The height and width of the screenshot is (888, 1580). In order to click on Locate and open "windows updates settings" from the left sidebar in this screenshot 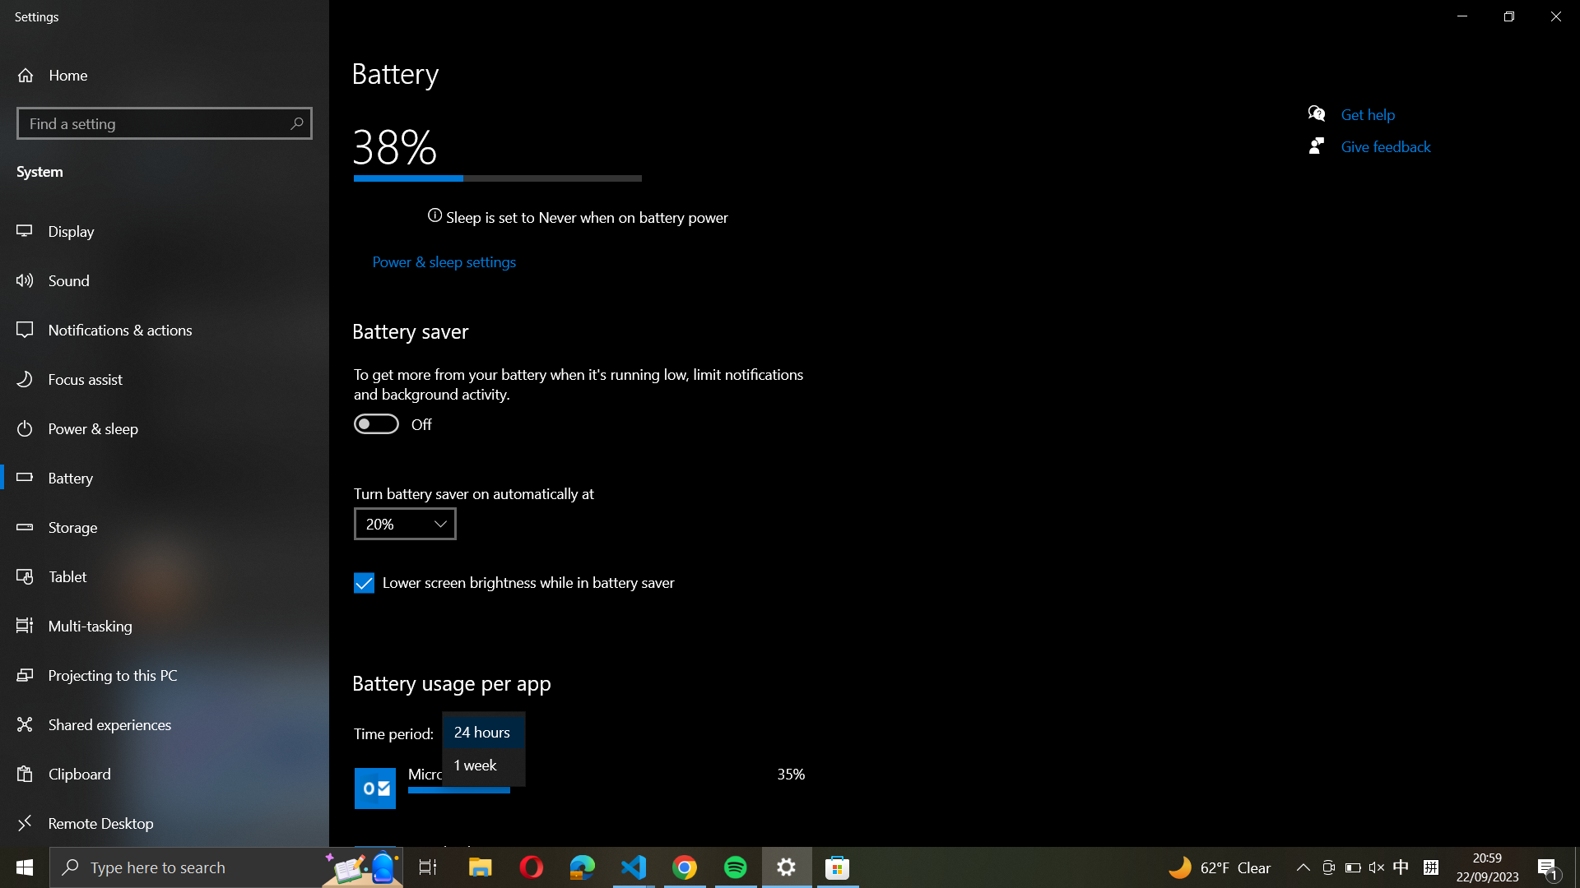, I will do `click(165, 121)`.